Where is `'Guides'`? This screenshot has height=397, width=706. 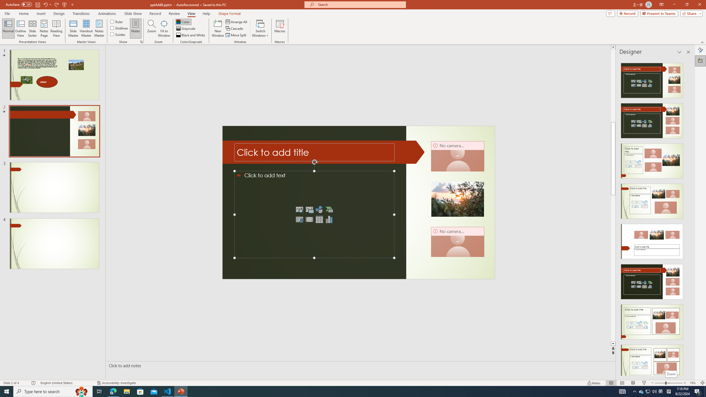 'Guides' is located at coordinates (118, 34).